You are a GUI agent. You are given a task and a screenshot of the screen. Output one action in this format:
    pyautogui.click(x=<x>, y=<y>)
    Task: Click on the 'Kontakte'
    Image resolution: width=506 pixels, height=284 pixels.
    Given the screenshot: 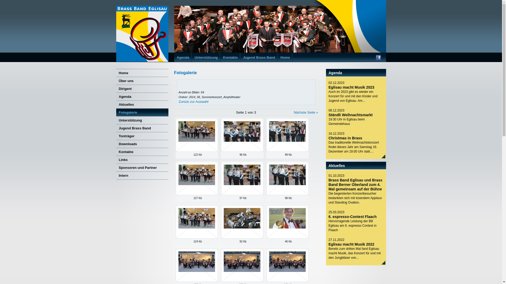 What is the action you would take?
    pyautogui.click(x=142, y=152)
    